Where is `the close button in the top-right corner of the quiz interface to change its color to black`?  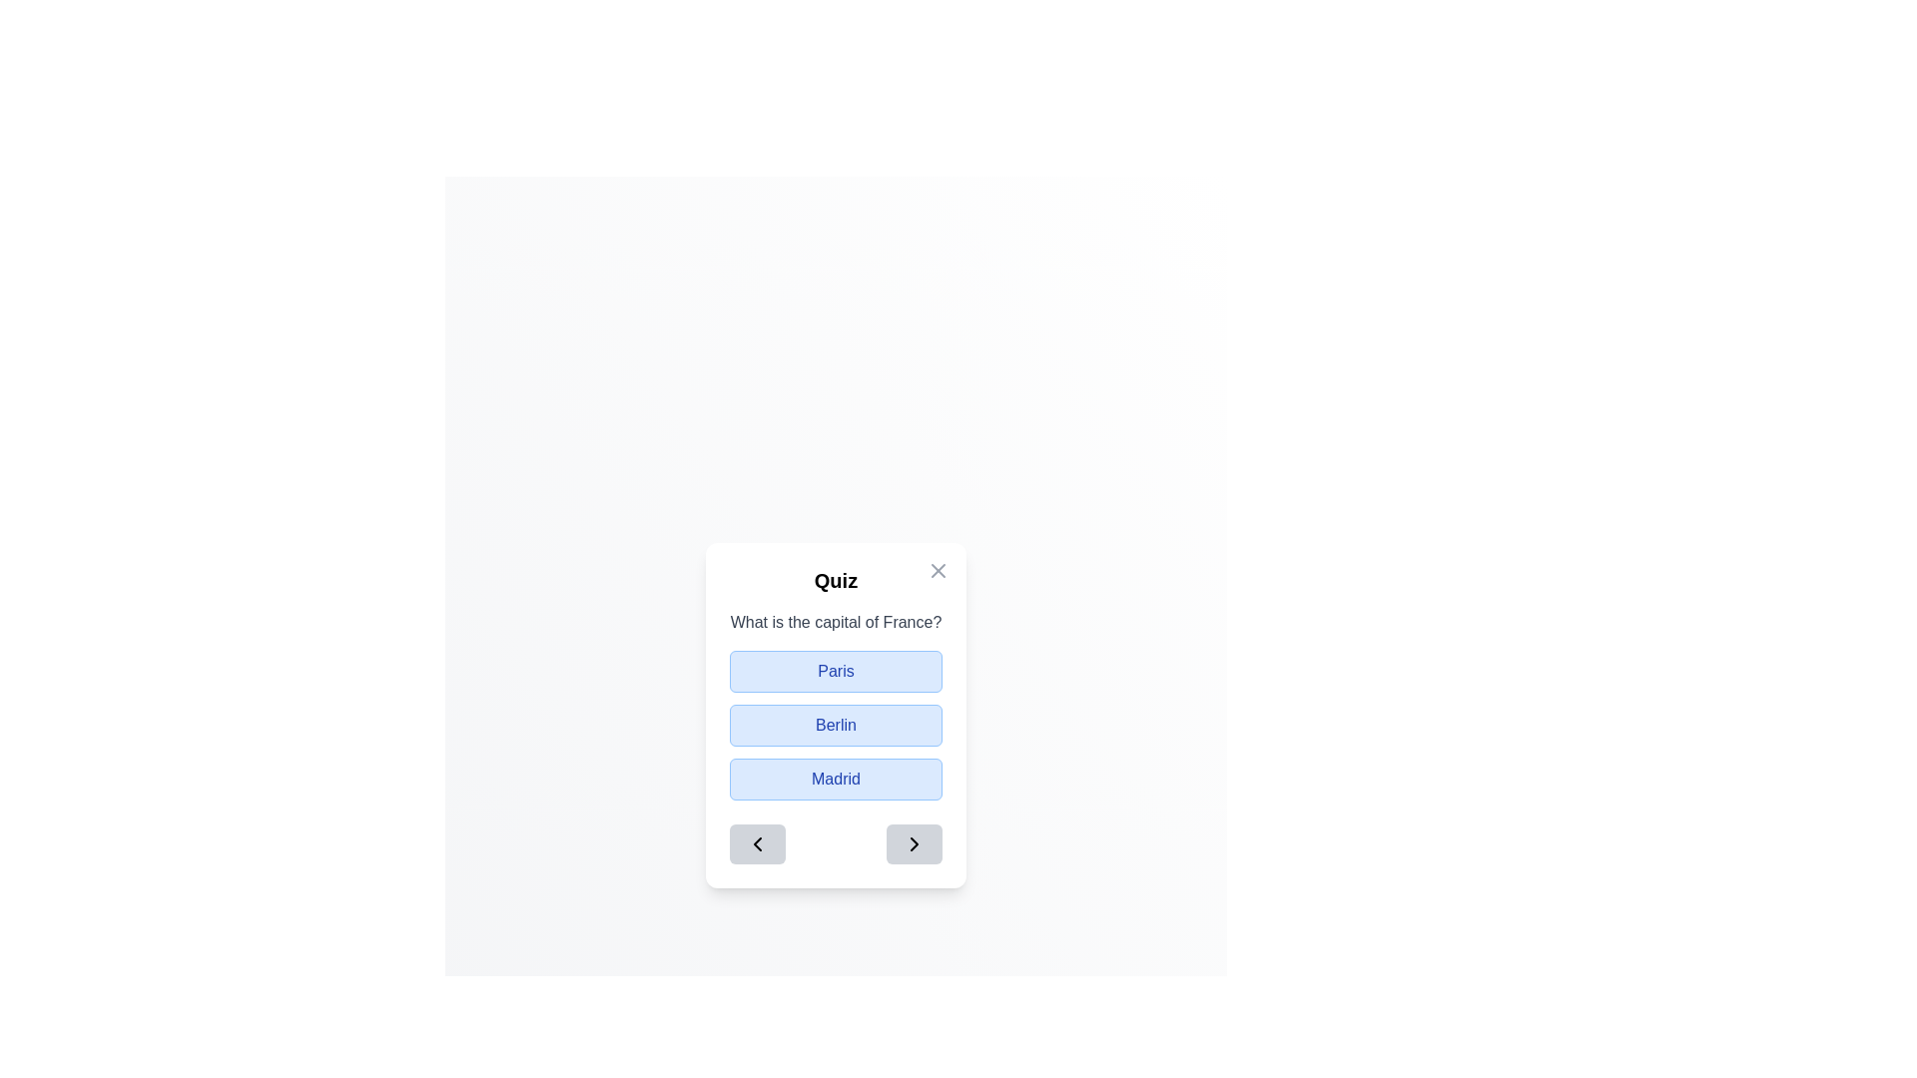
the close button in the top-right corner of the quiz interface to change its color to black is located at coordinates (938, 570).